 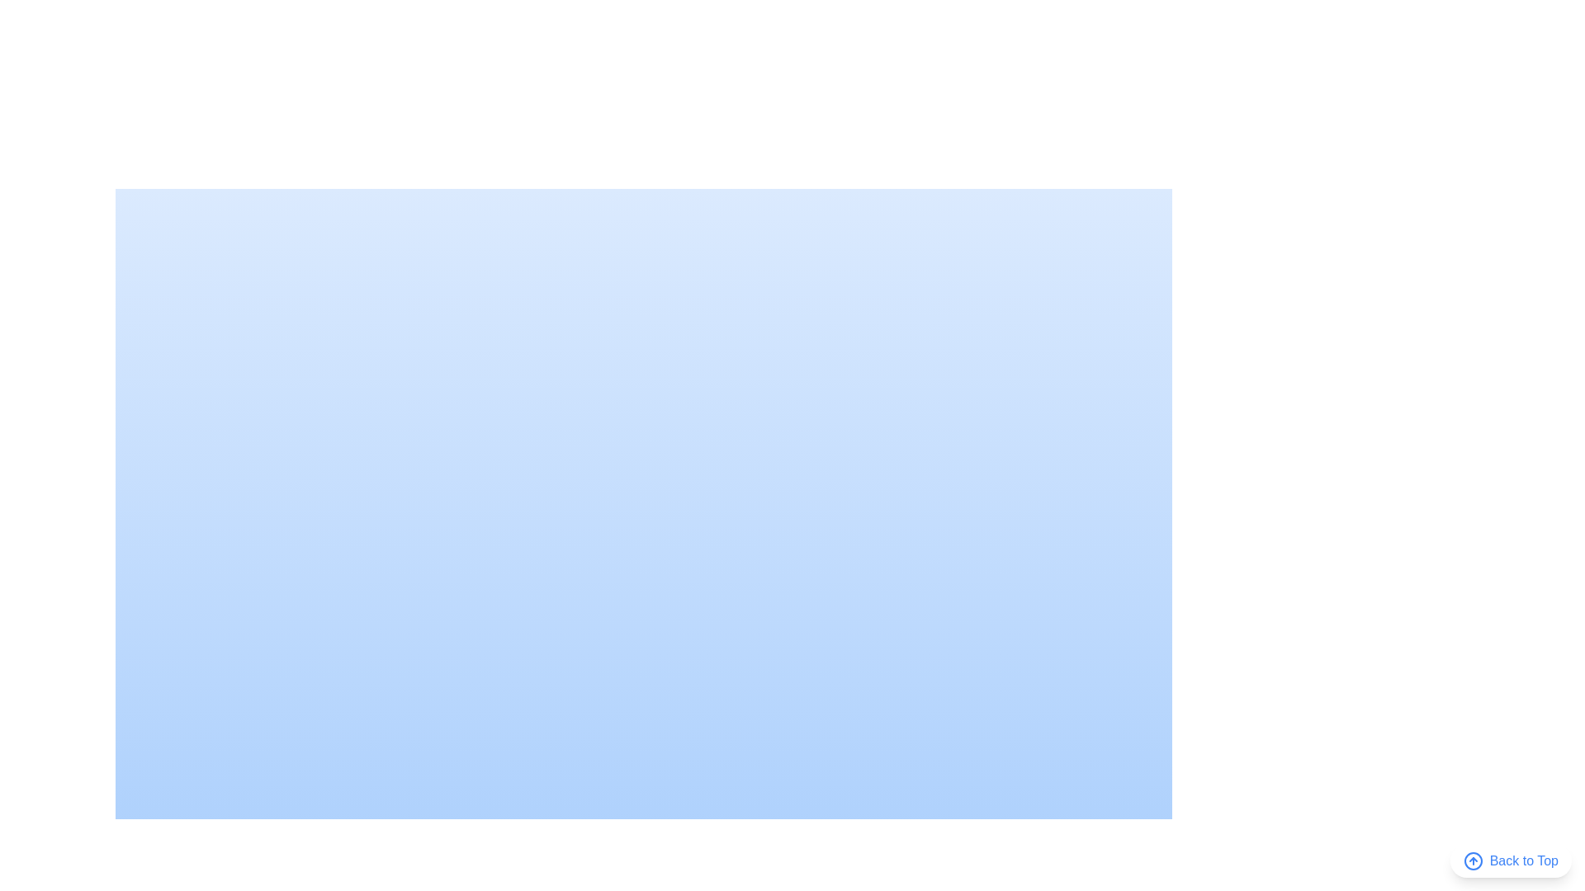 I want to click on the circular blue icon with an upward-pointing arrow, so click(x=1473, y=860).